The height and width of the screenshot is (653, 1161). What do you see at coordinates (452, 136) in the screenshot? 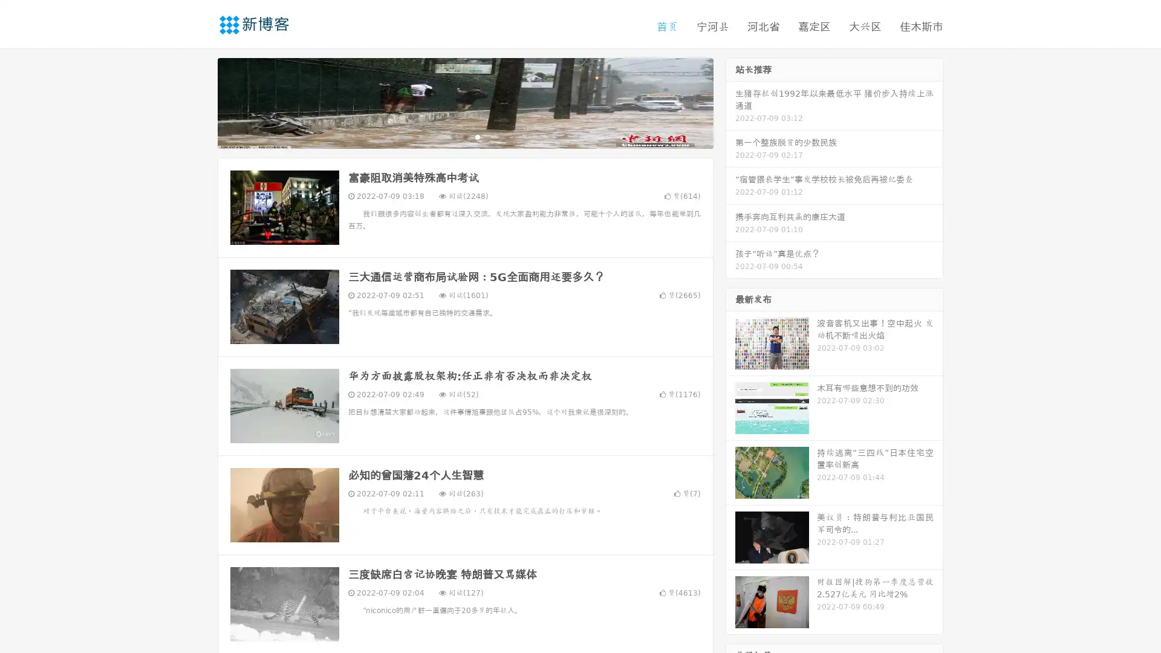
I see `Go to slide 1` at bounding box center [452, 136].